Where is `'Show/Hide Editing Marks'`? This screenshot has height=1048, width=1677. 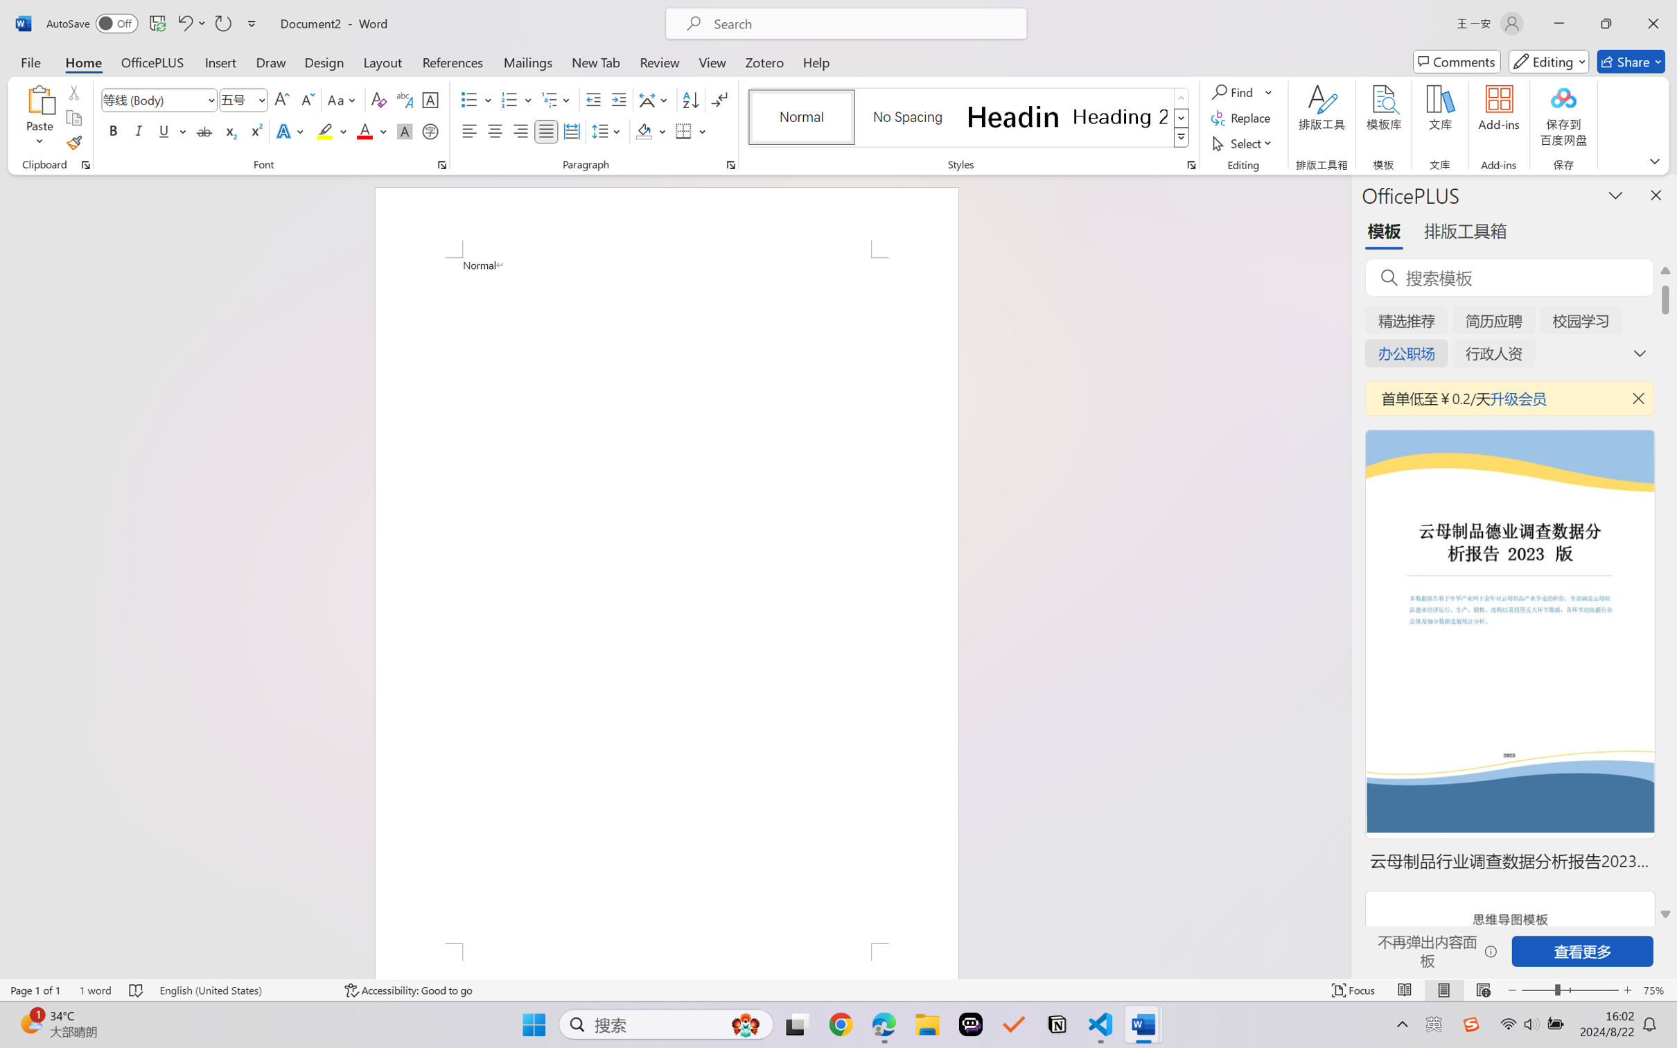
'Show/Hide Editing Marks' is located at coordinates (719, 100).